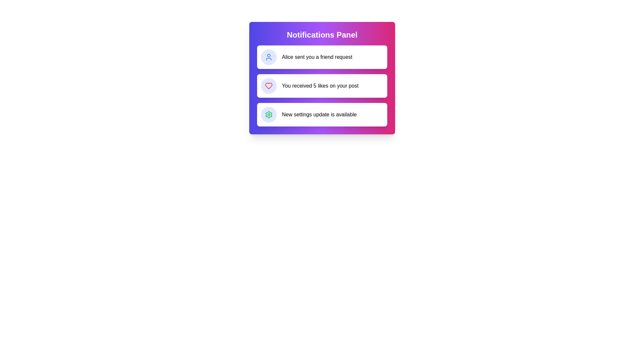 Image resolution: width=628 pixels, height=353 pixels. Describe the element at coordinates (322, 78) in the screenshot. I see `the stylized rectangular notification panel located in the center of the webpage` at that location.